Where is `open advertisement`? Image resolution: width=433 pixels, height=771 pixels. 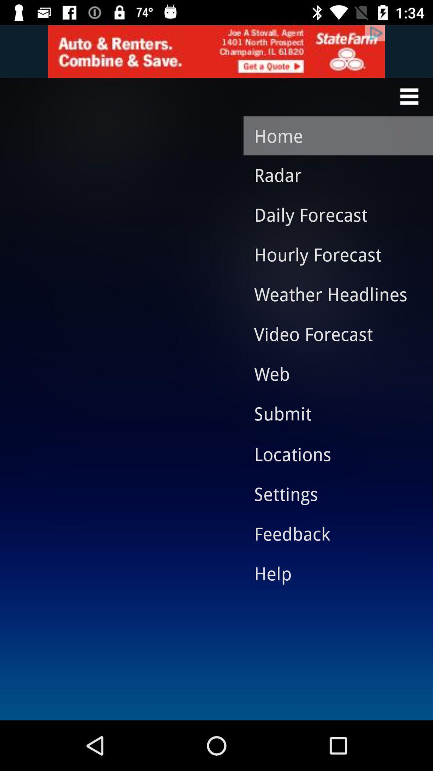 open advertisement is located at coordinates (216, 51).